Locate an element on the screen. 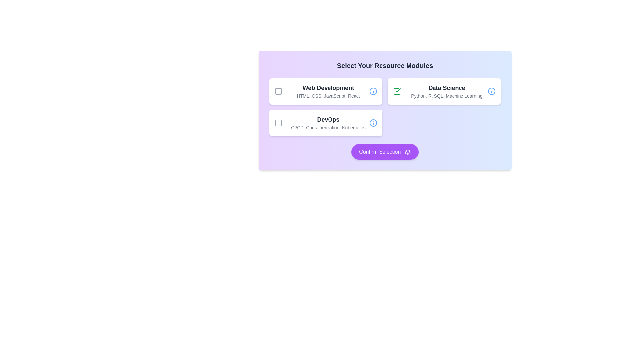  the 'Data Science' module description block, which consists of a bold title and a lighter description, located in the center right section of the interface is located at coordinates (447, 91).